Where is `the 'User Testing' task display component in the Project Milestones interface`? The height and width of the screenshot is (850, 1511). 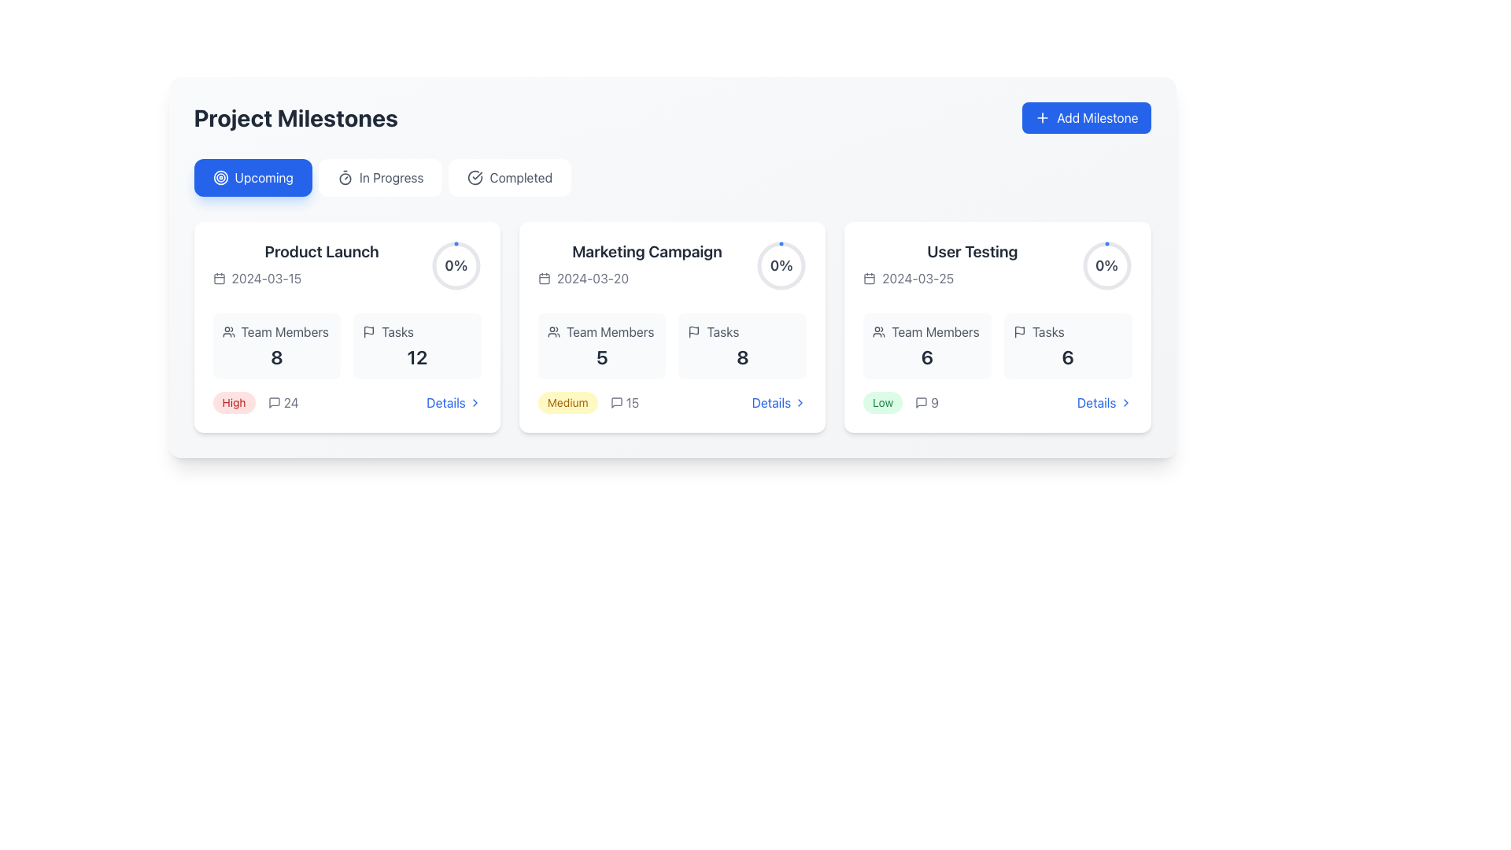 the 'User Testing' task display component in the Project Milestones interface is located at coordinates (996, 266).